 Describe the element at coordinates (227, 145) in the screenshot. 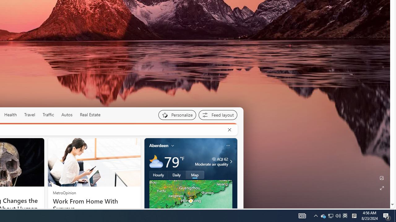

I see `'Class: icon-img'` at that location.